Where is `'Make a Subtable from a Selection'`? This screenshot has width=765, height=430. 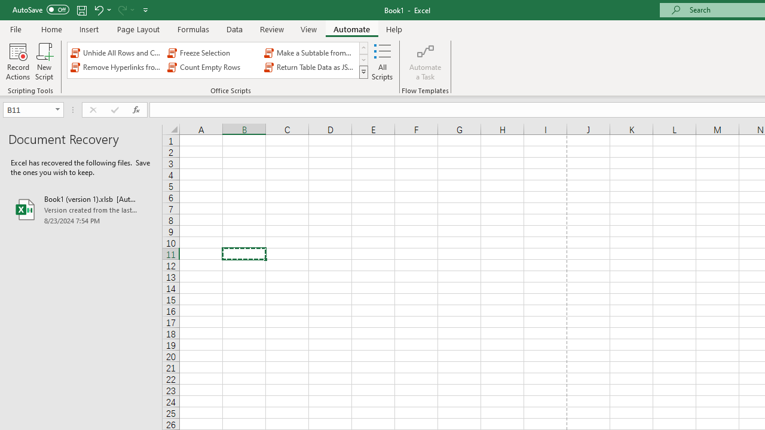
'Make a Subtable from a Selection' is located at coordinates (310, 52).